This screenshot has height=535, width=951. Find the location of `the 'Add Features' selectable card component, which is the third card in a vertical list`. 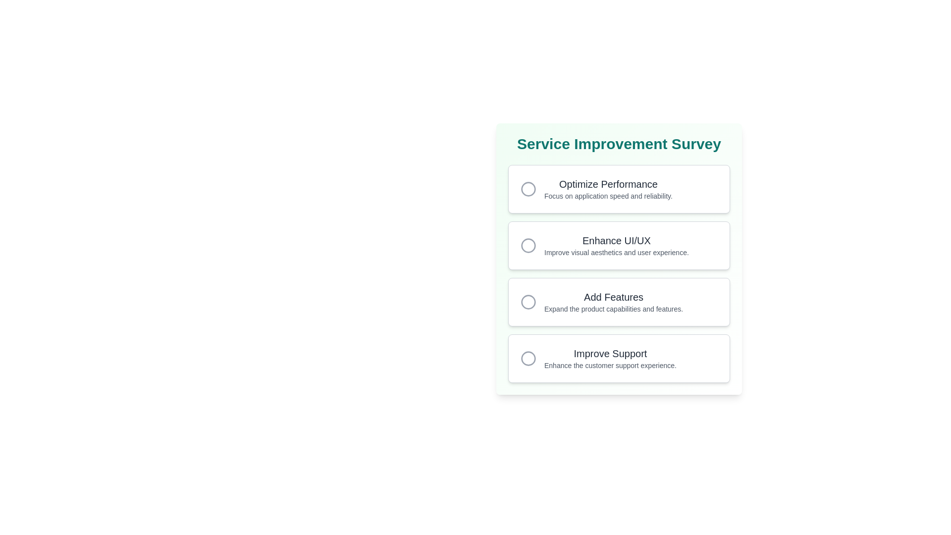

the 'Add Features' selectable card component, which is the third card in a vertical list is located at coordinates (618, 301).